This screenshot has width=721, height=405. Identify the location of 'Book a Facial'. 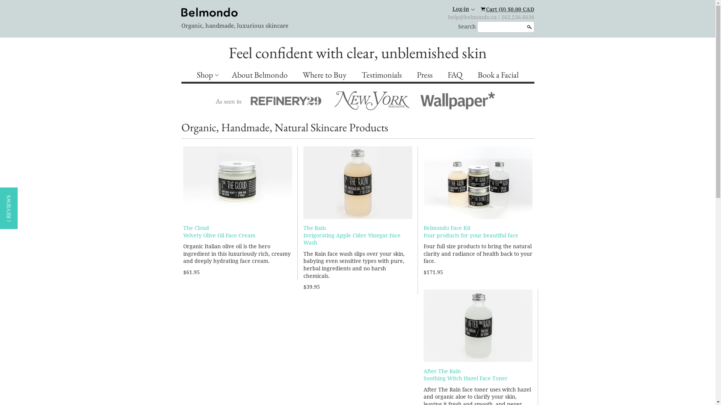
(498, 75).